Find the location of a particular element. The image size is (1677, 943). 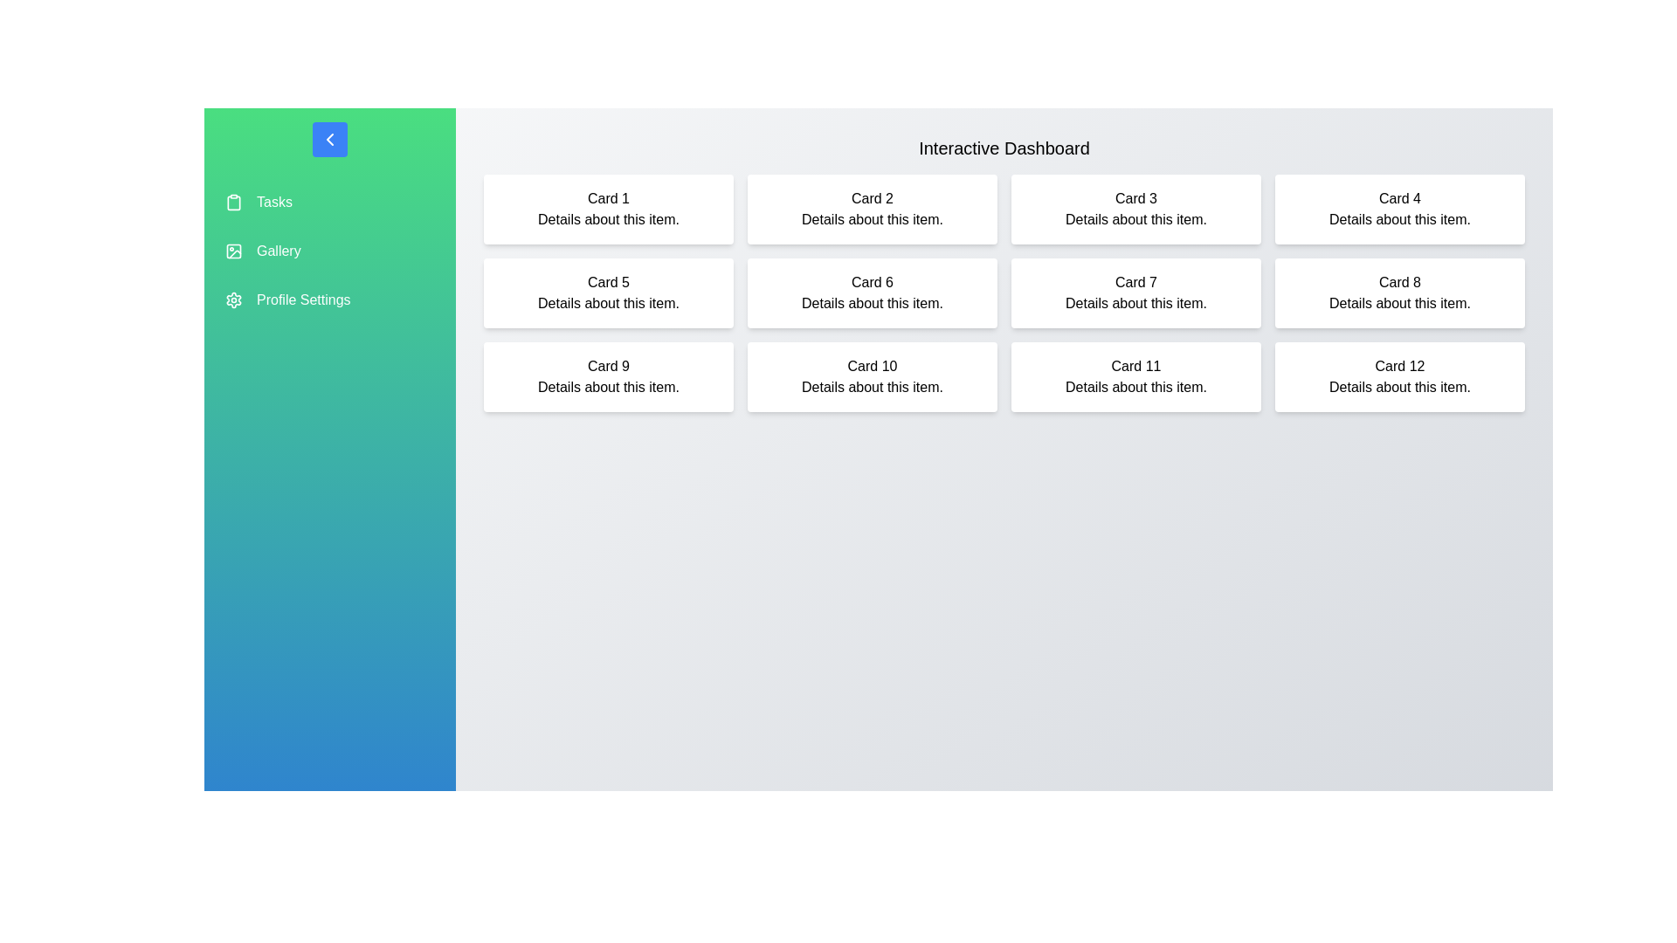

the 'Tasks' button in the drawer to navigate to the 'Tasks' section is located at coordinates (330, 201).